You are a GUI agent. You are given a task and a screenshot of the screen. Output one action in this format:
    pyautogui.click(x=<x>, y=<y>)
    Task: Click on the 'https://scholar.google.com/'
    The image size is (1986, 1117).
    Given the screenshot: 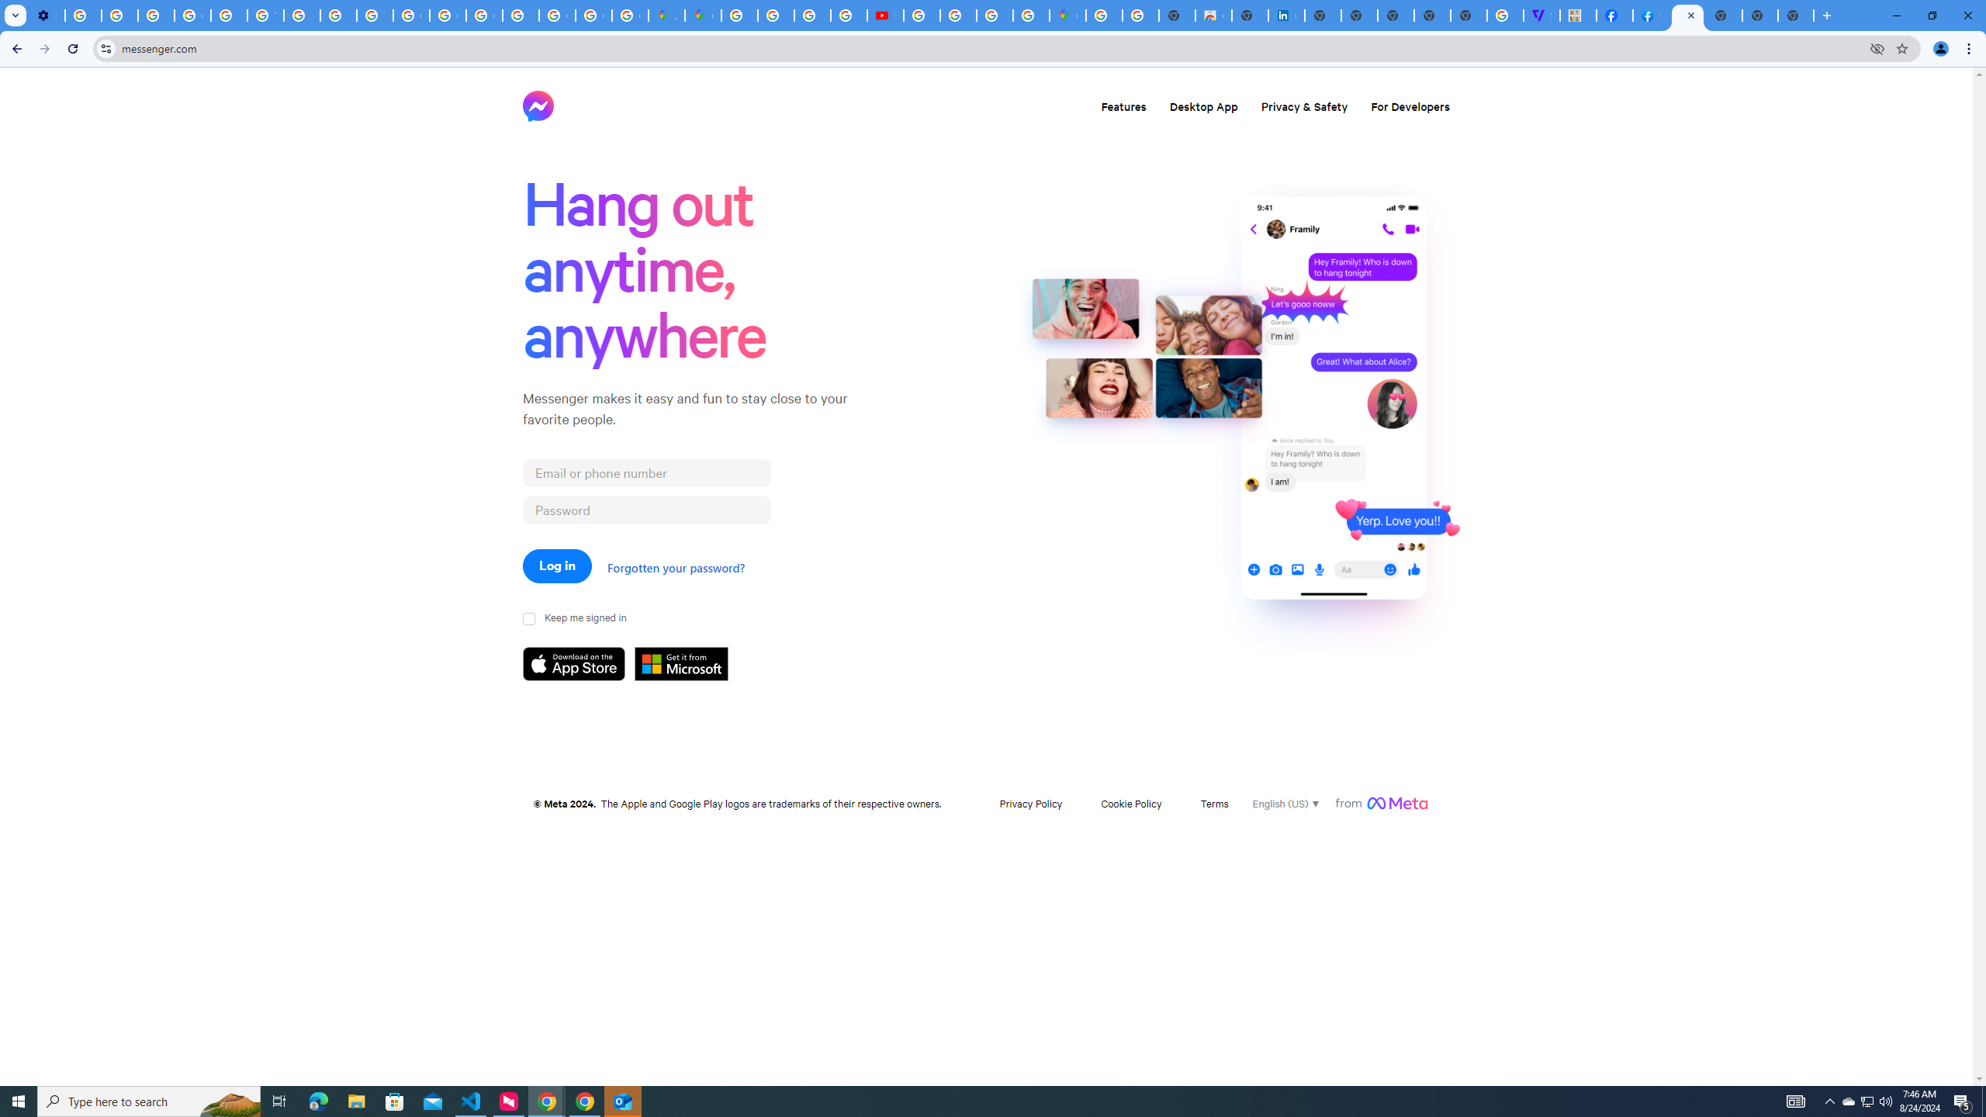 What is the action you would take?
    pyautogui.click(x=301, y=15)
    